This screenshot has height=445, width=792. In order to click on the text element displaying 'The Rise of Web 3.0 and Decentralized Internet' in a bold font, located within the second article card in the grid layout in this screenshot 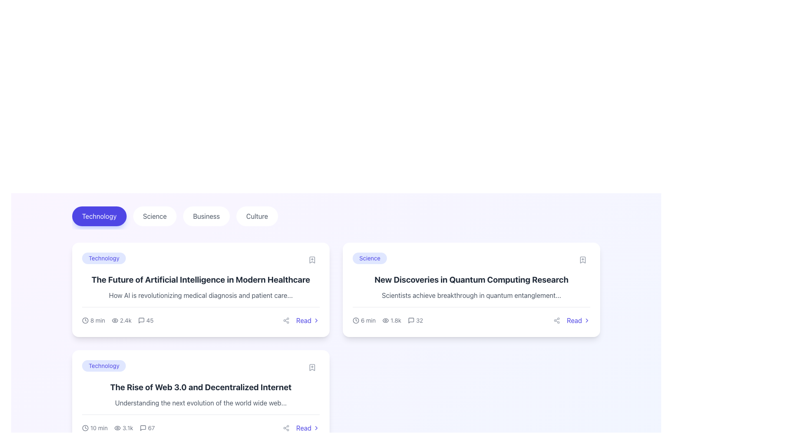, I will do `click(200, 387)`.